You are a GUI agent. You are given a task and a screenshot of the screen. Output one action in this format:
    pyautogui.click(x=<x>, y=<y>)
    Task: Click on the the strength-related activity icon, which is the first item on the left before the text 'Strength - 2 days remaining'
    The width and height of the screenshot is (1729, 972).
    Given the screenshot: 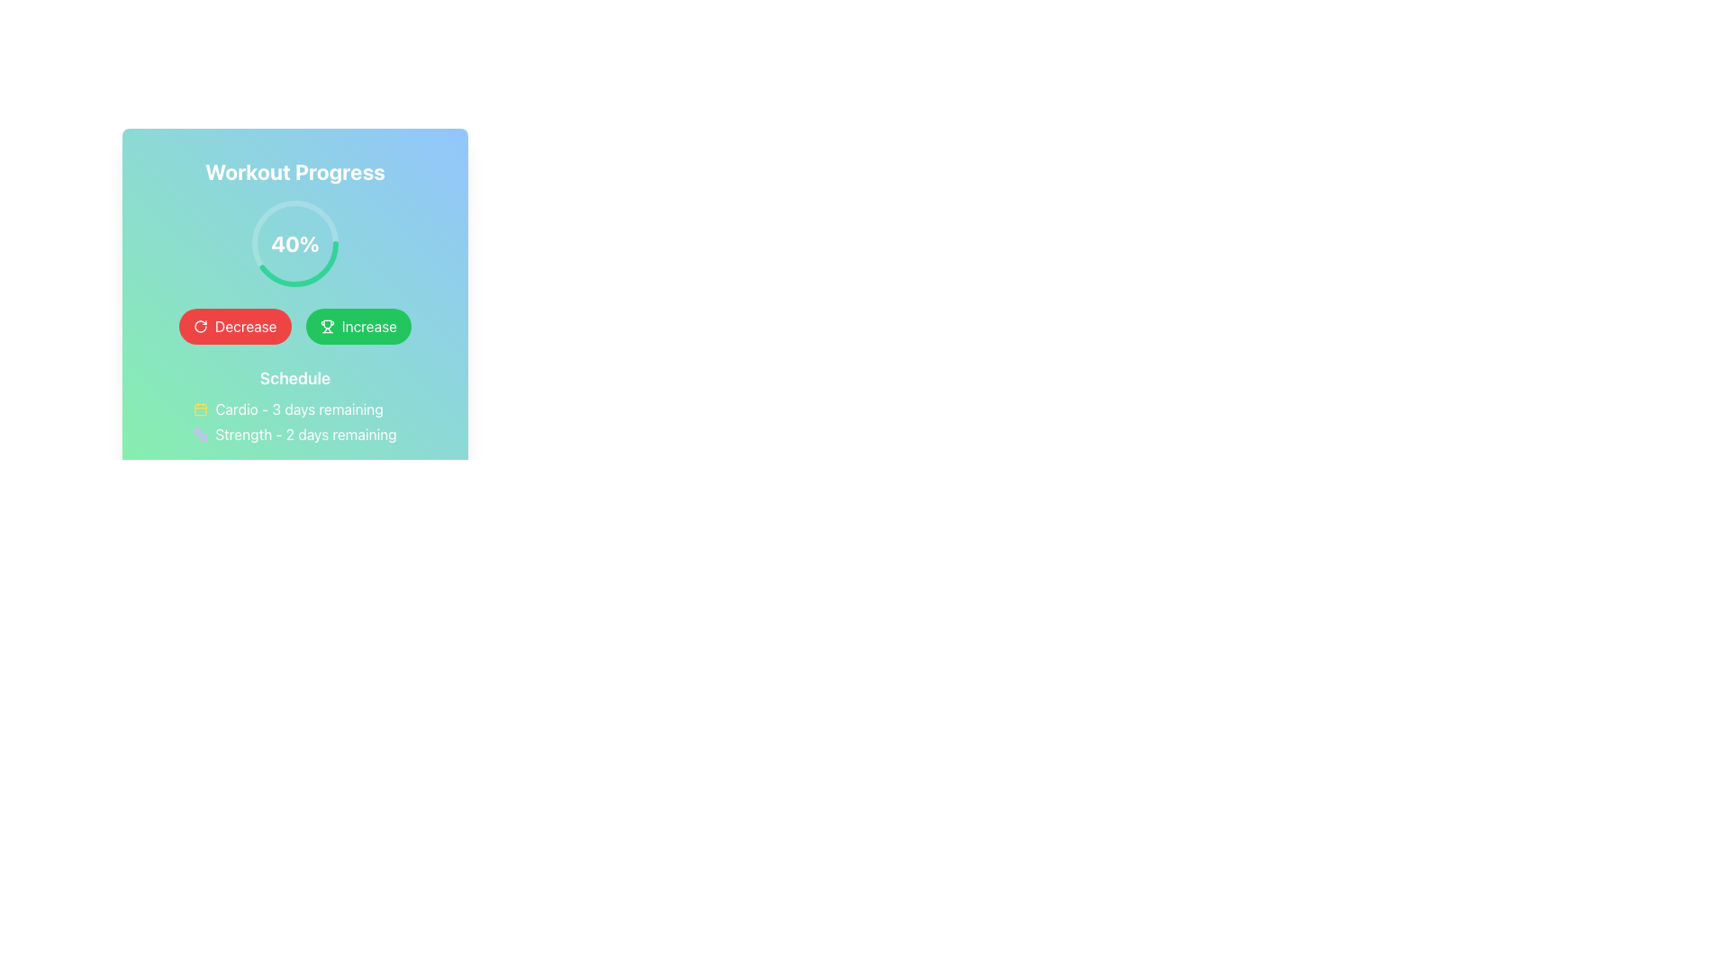 What is the action you would take?
    pyautogui.click(x=201, y=434)
    